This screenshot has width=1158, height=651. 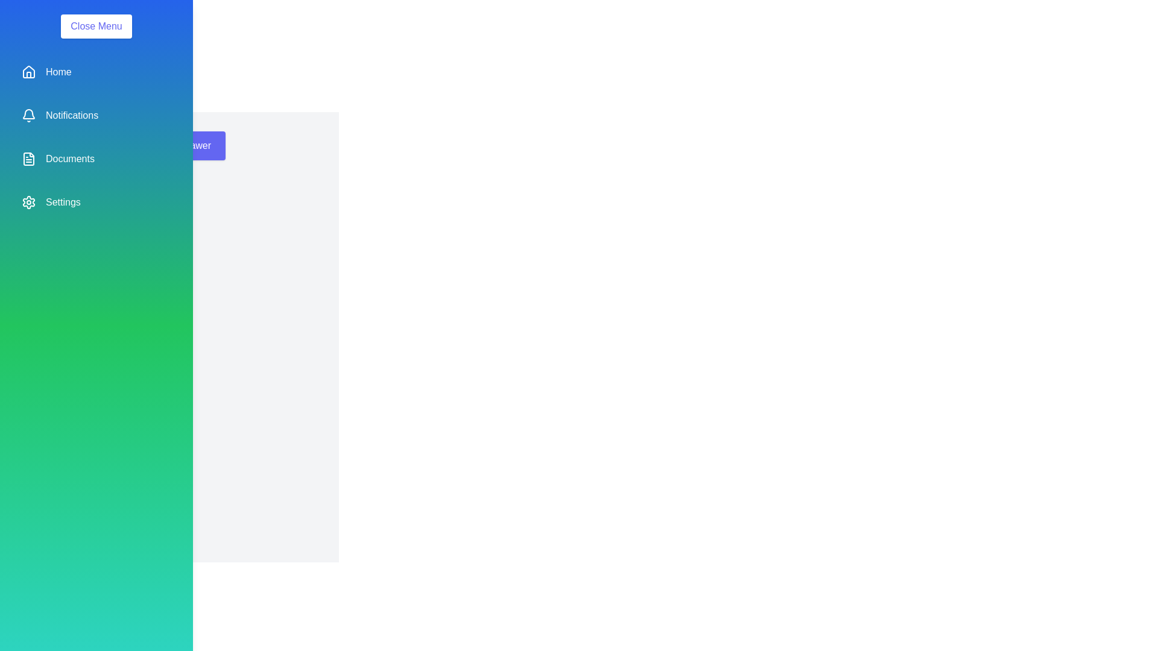 What do you see at coordinates (95, 116) in the screenshot?
I see `the menu item Notifications to observe the hover effect` at bounding box center [95, 116].